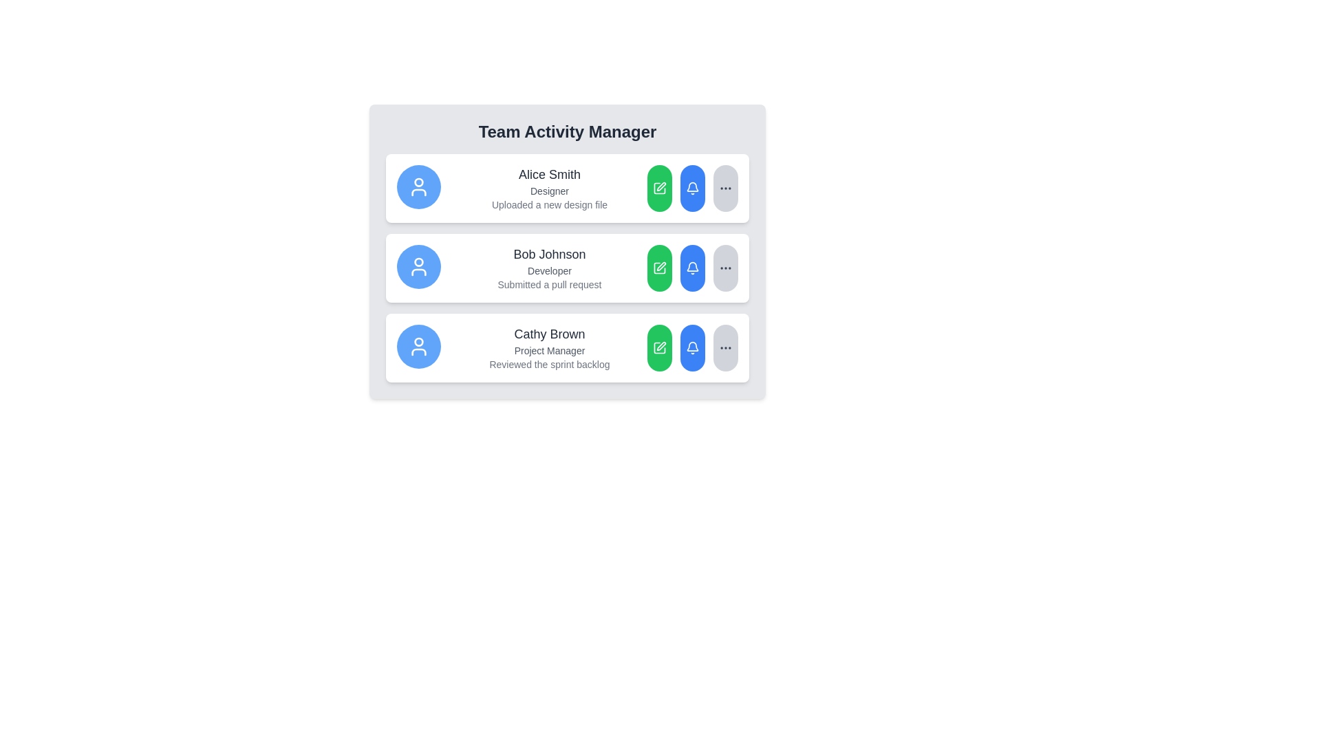 The image size is (1321, 743). What do you see at coordinates (548, 349) in the screenshot?
I see `the text label indicating the professional designation of the individual, located below 'Cathy Brown' and above 'Reviewed the sprint backlog' in the third user entry of the vertical list` at bounding box center [548, 349].